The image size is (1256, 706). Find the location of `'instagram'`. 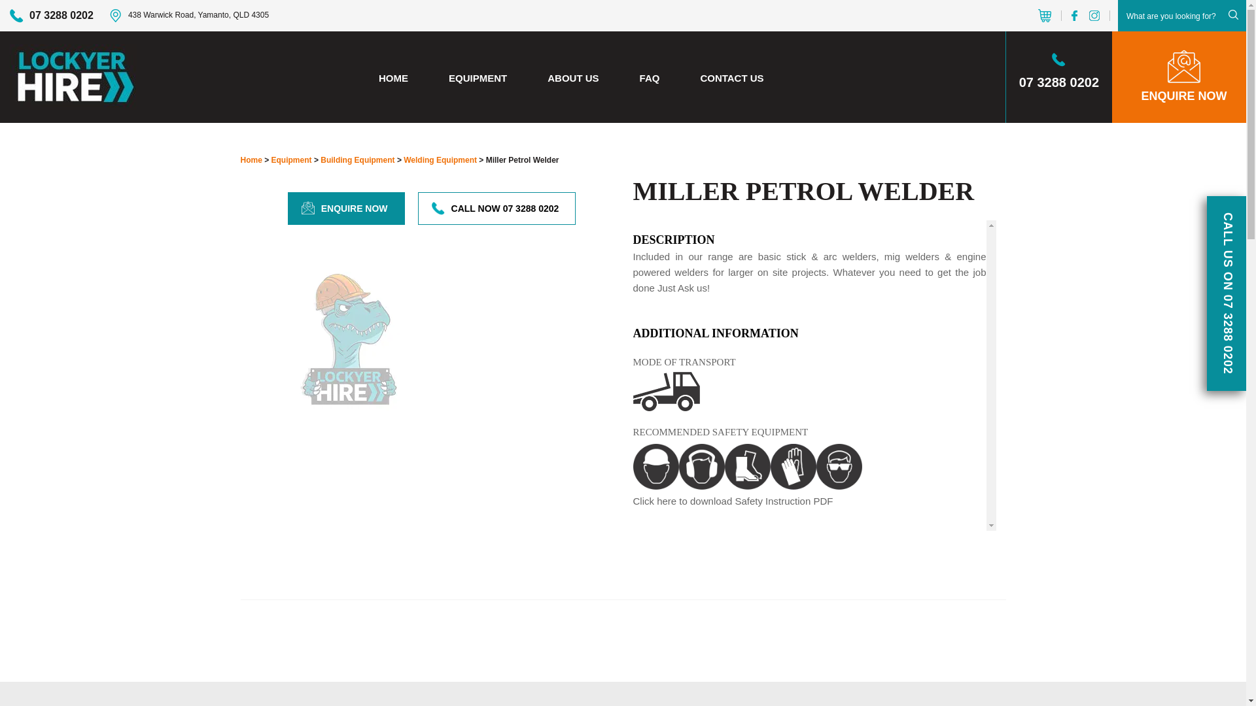

'instagram' is located at coordinates (1094, 15).